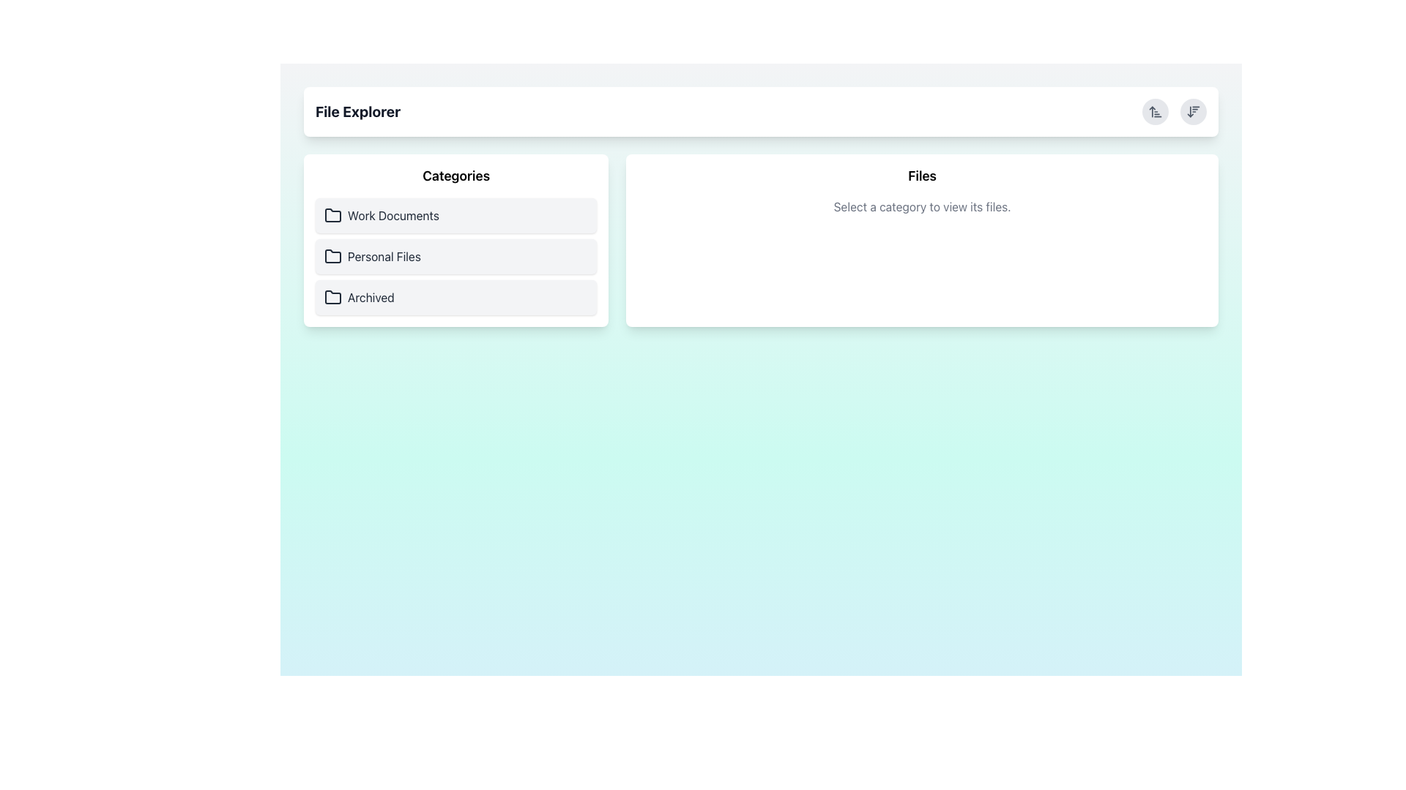 The image size is (1406, 790). What do you see at coordinates (332, 296) in the screenshot?
I see `the third folder icon in the vertical list of categories labeled 'Archived' under the 'Categories' header on the left panel` at bounding box center [332, 296].